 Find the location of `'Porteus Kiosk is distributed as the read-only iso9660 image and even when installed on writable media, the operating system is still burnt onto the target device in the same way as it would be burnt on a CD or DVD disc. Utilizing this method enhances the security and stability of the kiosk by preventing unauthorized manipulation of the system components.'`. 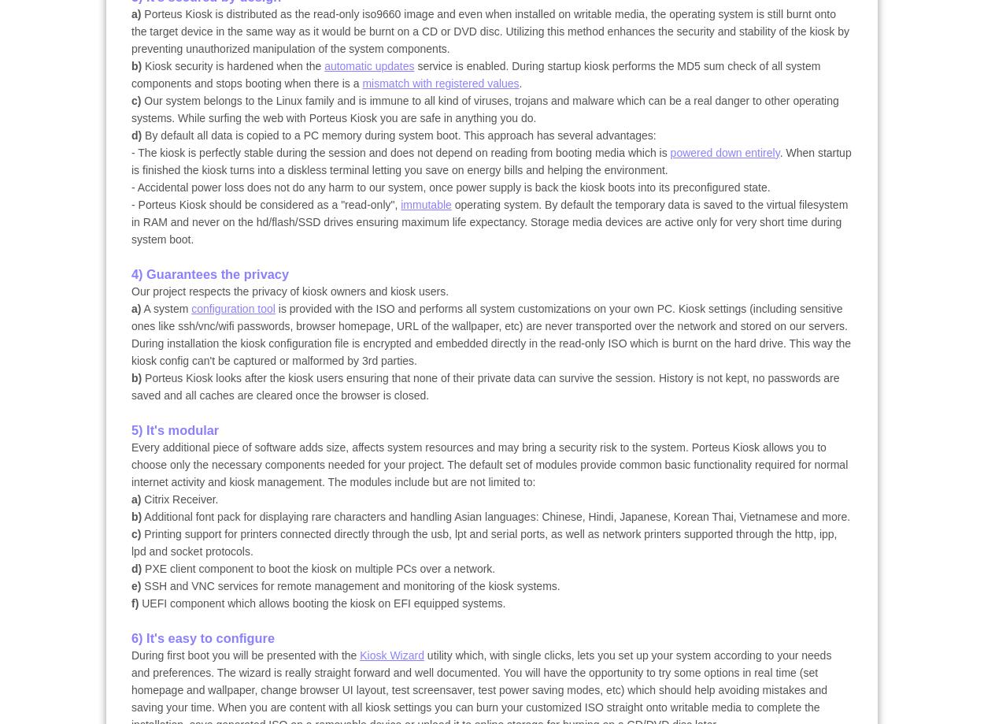

'Porteus Kiosk is distributed as the read-only iso9660 image and even when installed on writable media, the operating system is still burnt onto the target device in the same way as it would be burnt on a CD or DVD disc. Utilizing this method enhances the security and stability of the kiosk by preventing unauthorized manipulation of the system components.' is located at coordinates (490, 31).